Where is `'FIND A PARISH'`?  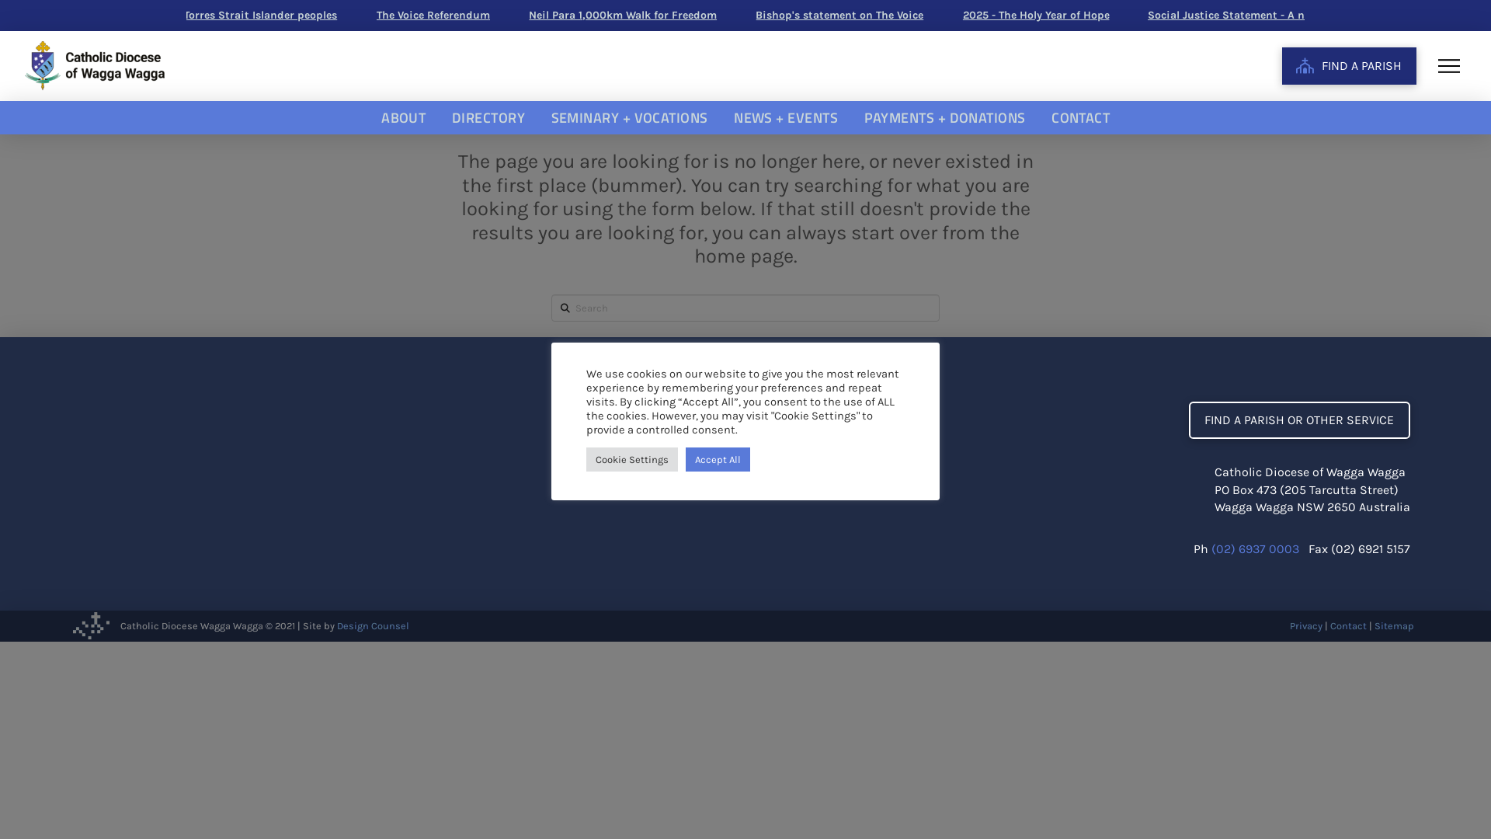 'FIND A PARISH' is located at coordinates (1348, 64).